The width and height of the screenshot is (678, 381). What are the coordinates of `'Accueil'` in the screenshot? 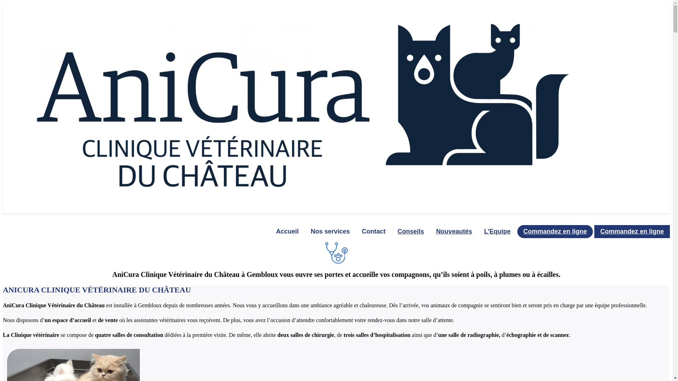 It's located at (287, 231).